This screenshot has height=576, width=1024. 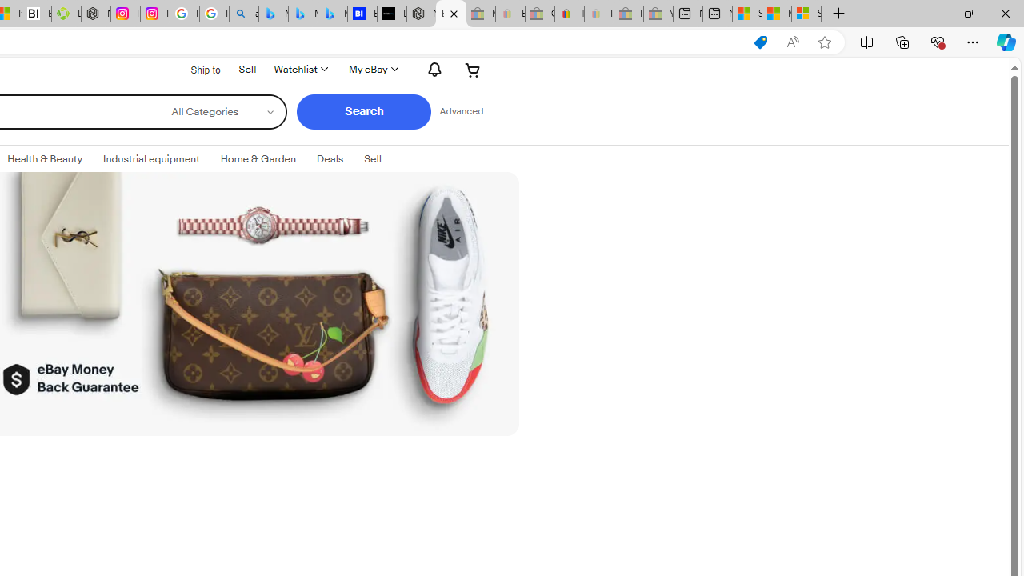 What do you see at coordinates (151, 159) in the screenshot?
I see `'Industrial equipmentExpand: Industrial equipment'` at bounding box center [151, 159].